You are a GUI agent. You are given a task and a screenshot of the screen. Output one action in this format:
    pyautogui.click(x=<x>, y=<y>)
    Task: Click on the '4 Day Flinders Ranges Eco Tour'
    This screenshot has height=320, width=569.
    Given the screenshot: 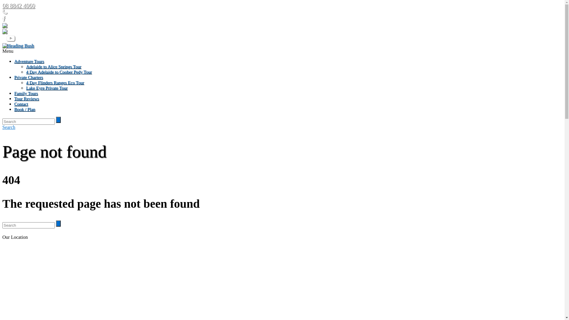 What is the action you would take?
    pyautogui.click(x=55, y=82)
    